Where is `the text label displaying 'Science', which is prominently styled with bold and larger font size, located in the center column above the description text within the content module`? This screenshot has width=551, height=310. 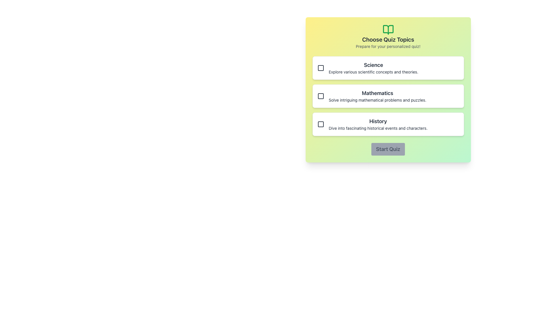
the text label displaying 'Science', which is prominently styled with bold and larger font size, located in the center column above the description text within the content module is located at coordinates (373, 65).